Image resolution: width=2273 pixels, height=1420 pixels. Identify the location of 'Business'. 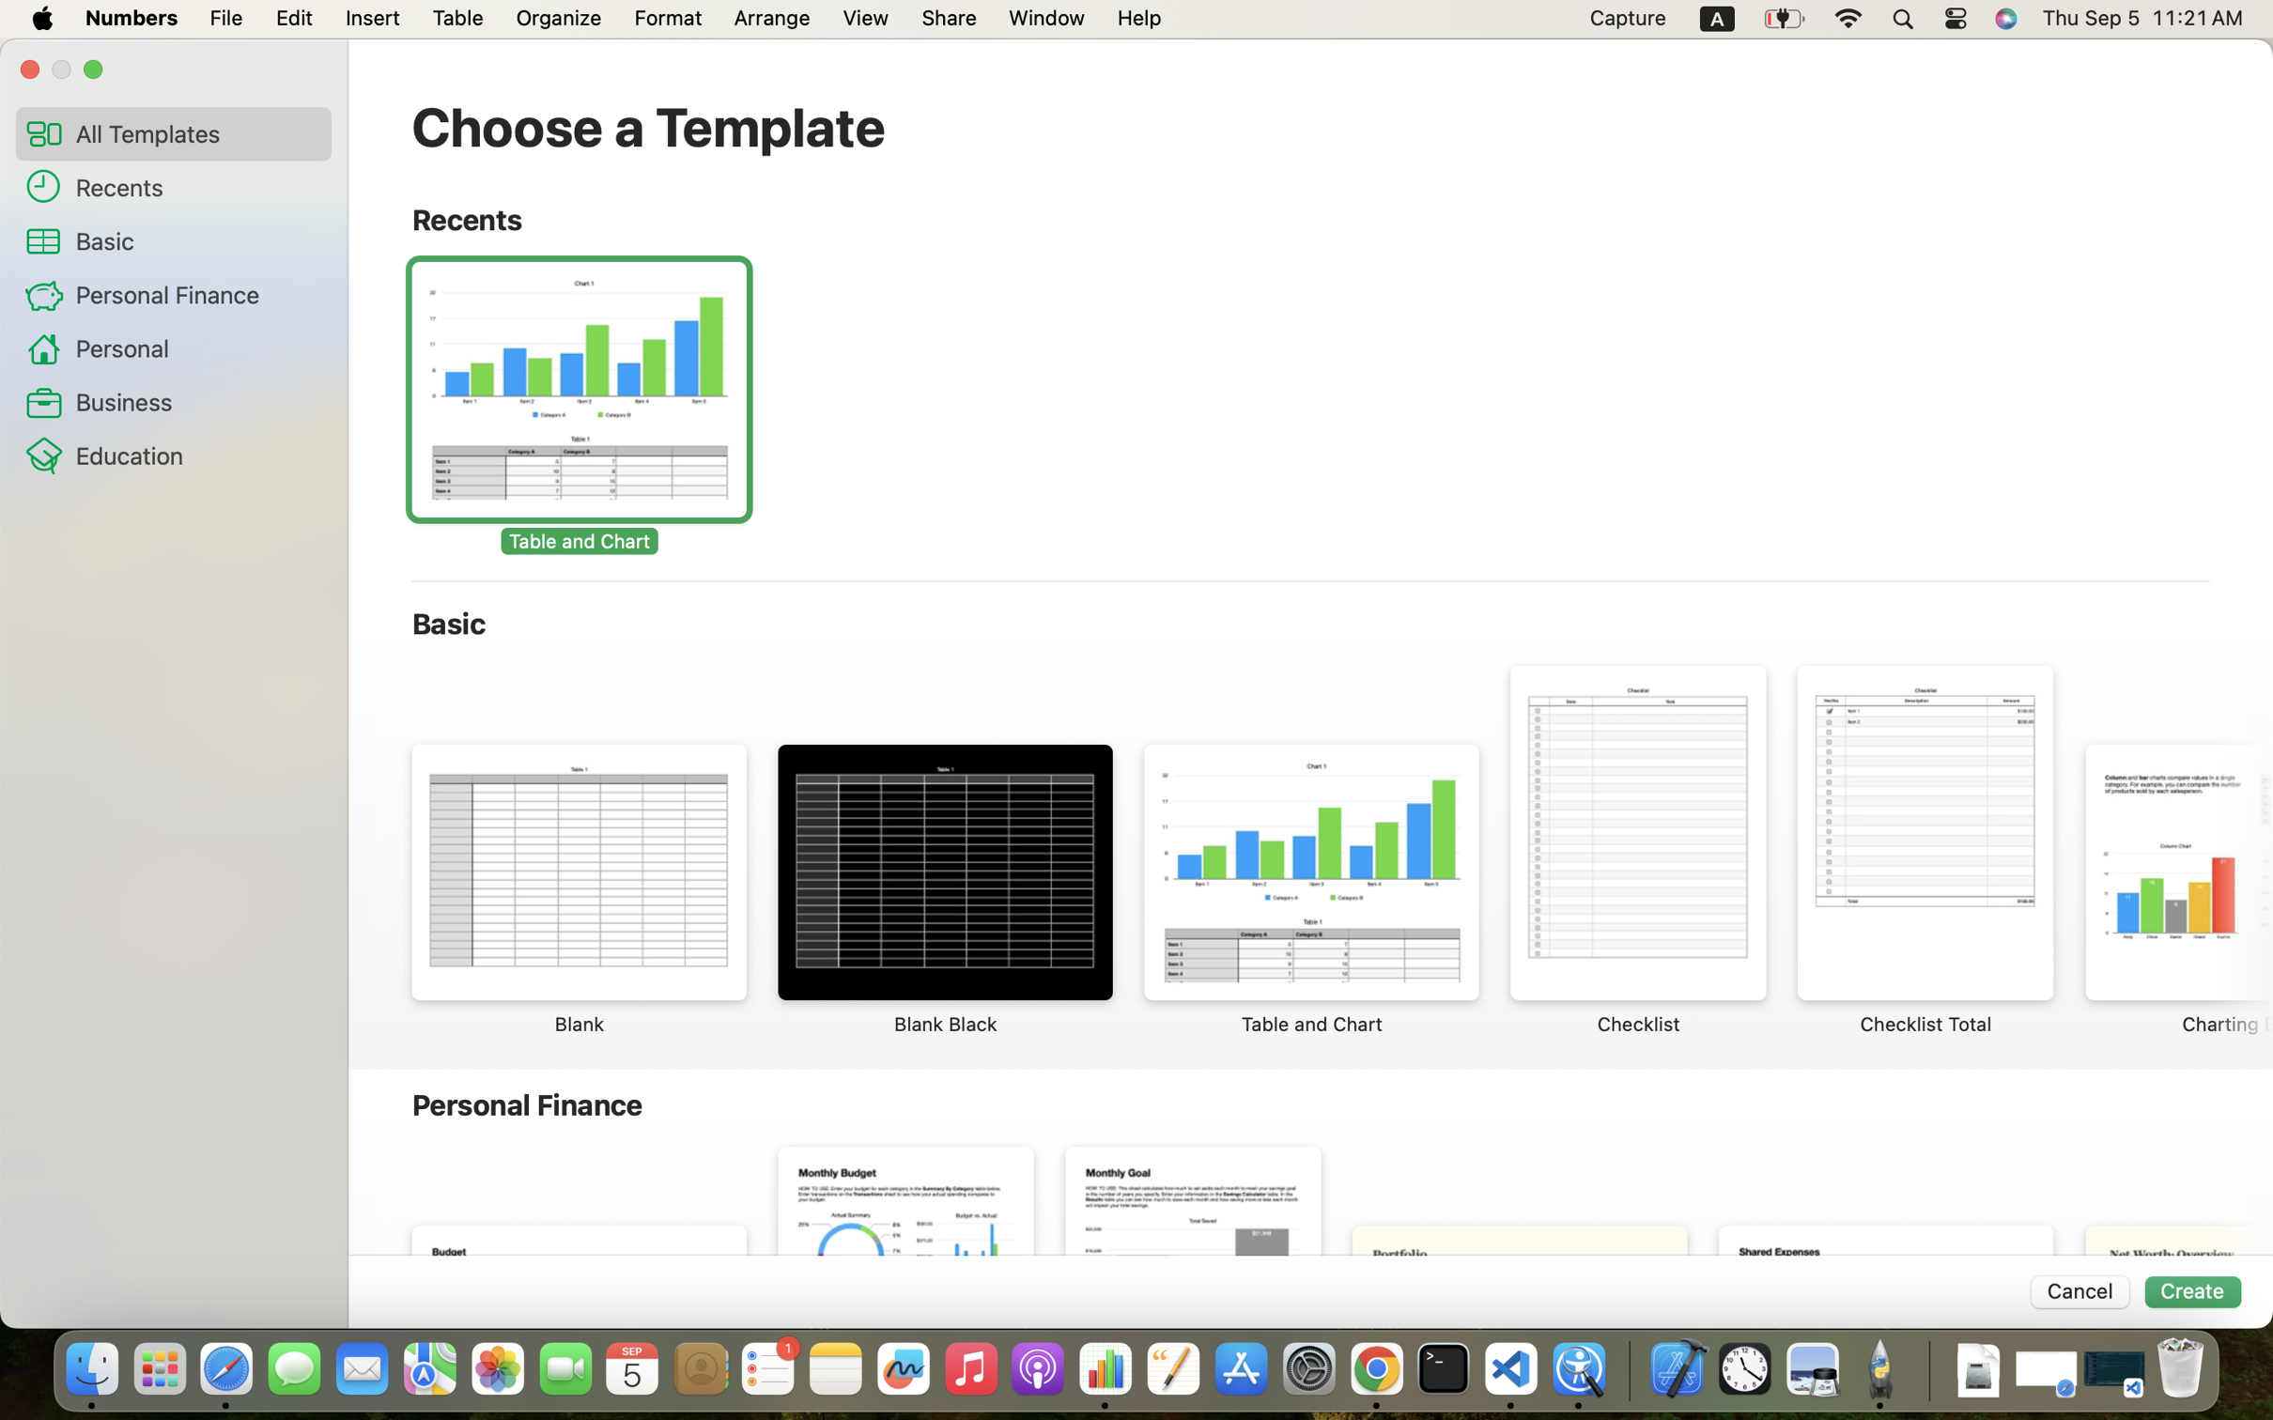
(195, 401).